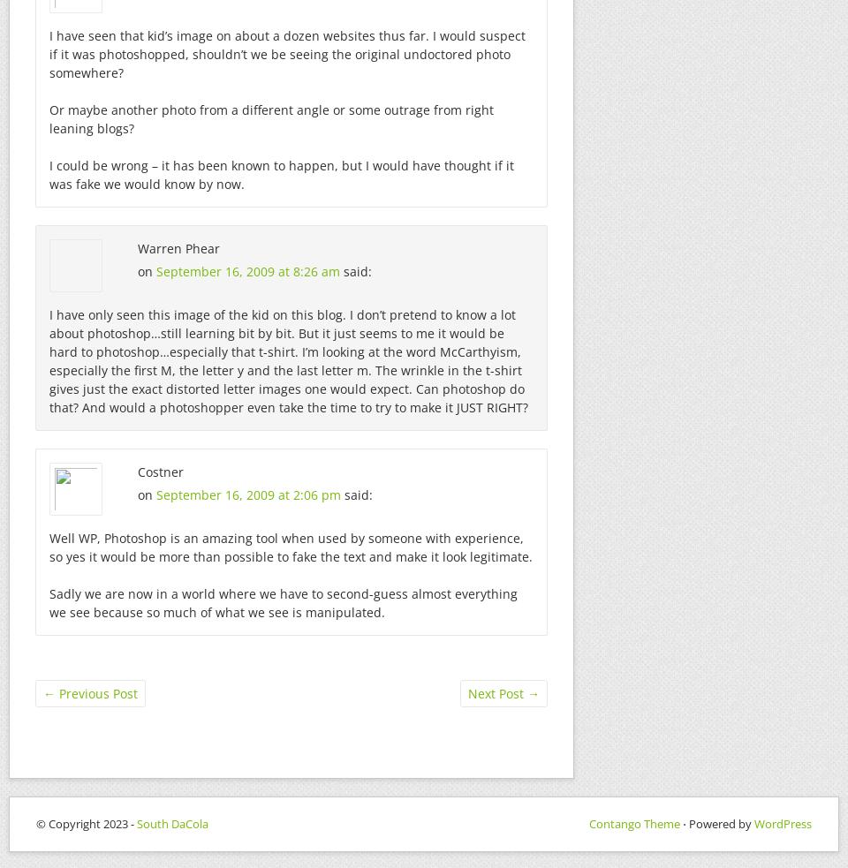  Describe the element at coordinates (288, 360) in the screenshot. I see `'I have only seen this image of the kid on this blog. I don’t pretend to know a lot about photoshop…still learning bit by bit. But it just seems to me it would be hard to photoshop…especially that t-shirt. I’m looking at the word McCarthyism, especially the first M, the letter y and the last letter m. The wrinkle in the t-shirt gives just the exact distorted letter images one would expect. Can photoshop do that? And would a photoshopper even take the time to try to make it JUST RIGHT?'` at that location.